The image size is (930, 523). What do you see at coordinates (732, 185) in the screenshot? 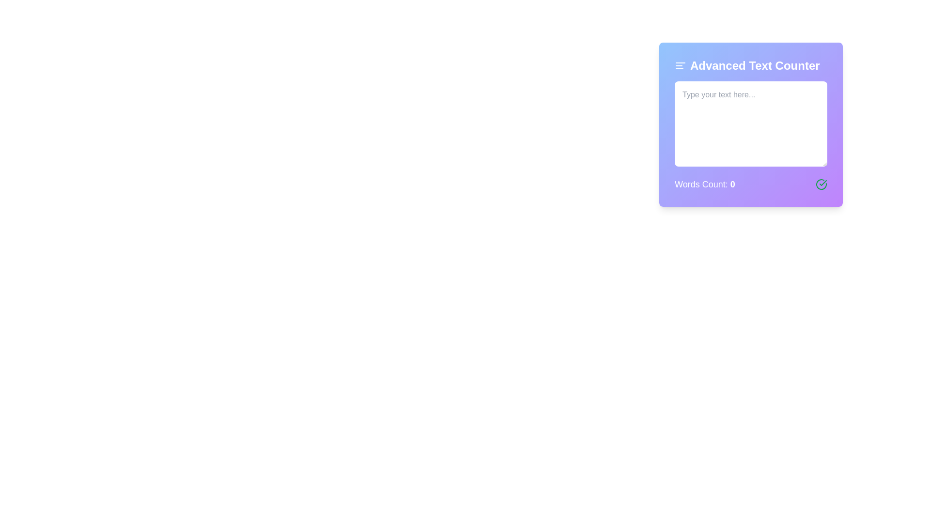
I see `the text label displaying the numeric value '0', which is positioned directly to the right of the 'Words Count:' label in the bottom-left region of the card interface` at bounding box center [732, 185].